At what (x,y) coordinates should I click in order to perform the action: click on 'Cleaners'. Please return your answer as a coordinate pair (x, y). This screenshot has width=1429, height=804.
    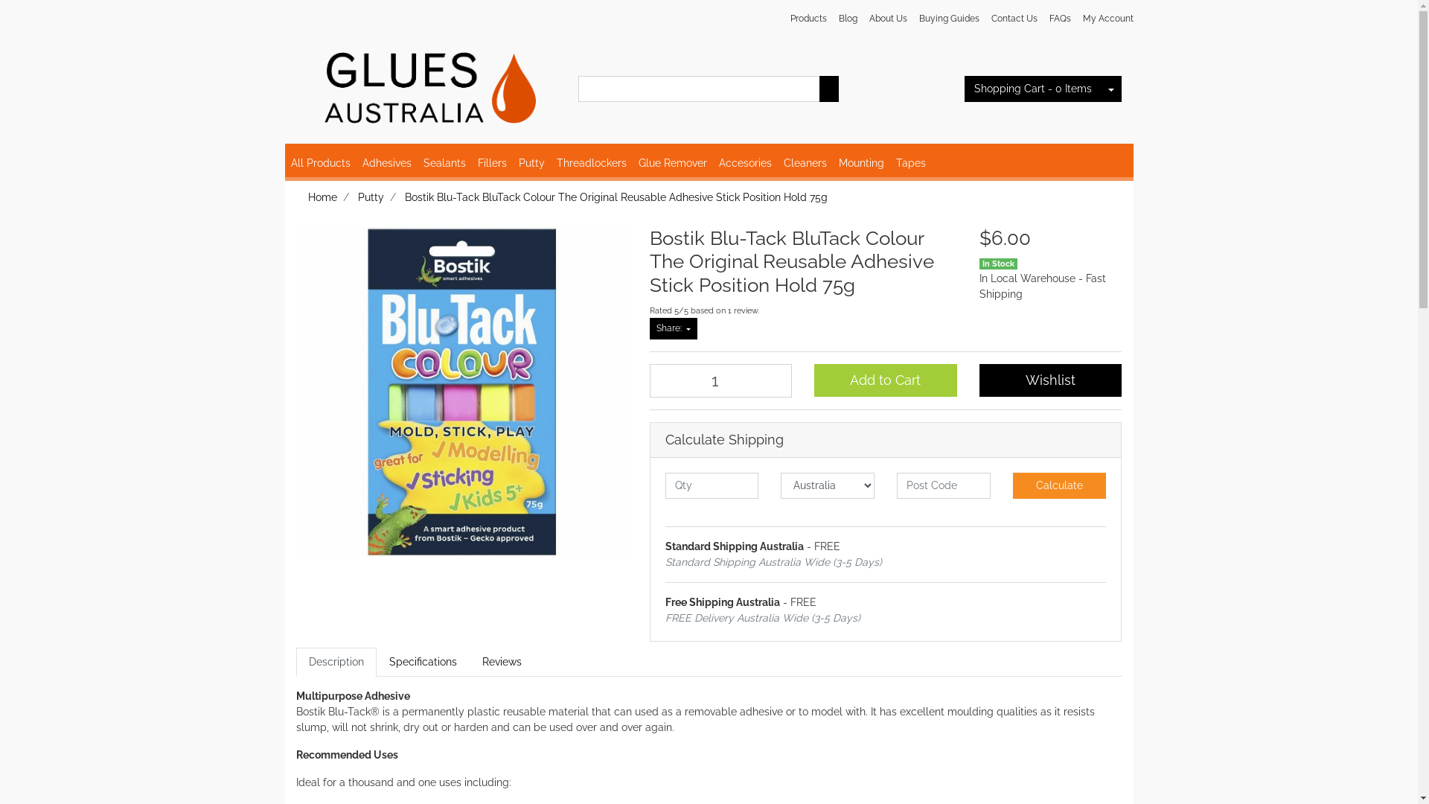
    Looking at the image, I should click on (803, 163).